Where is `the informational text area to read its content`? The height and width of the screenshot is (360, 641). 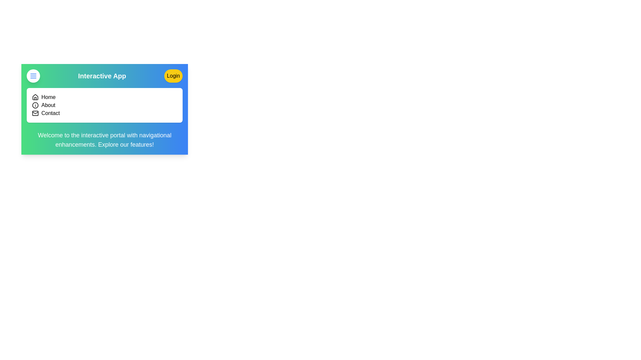
the informational text area to read its content is located at coordinates (104, 140).